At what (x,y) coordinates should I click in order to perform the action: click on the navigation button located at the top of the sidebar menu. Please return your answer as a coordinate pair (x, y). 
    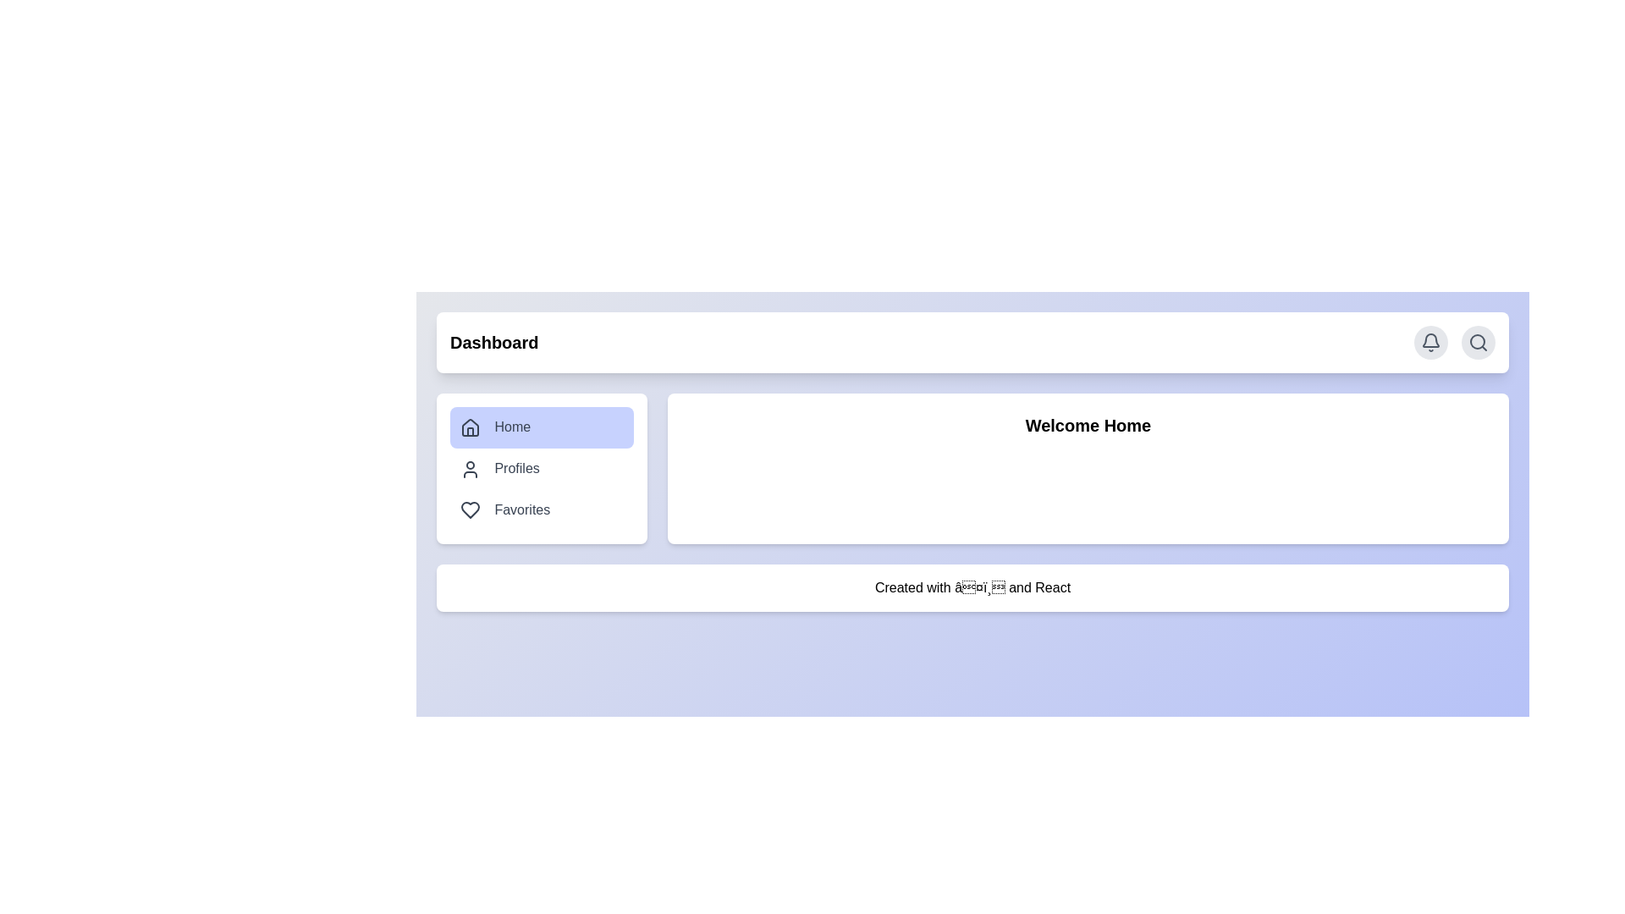
    Looking at the image, I should click on (542, 427).